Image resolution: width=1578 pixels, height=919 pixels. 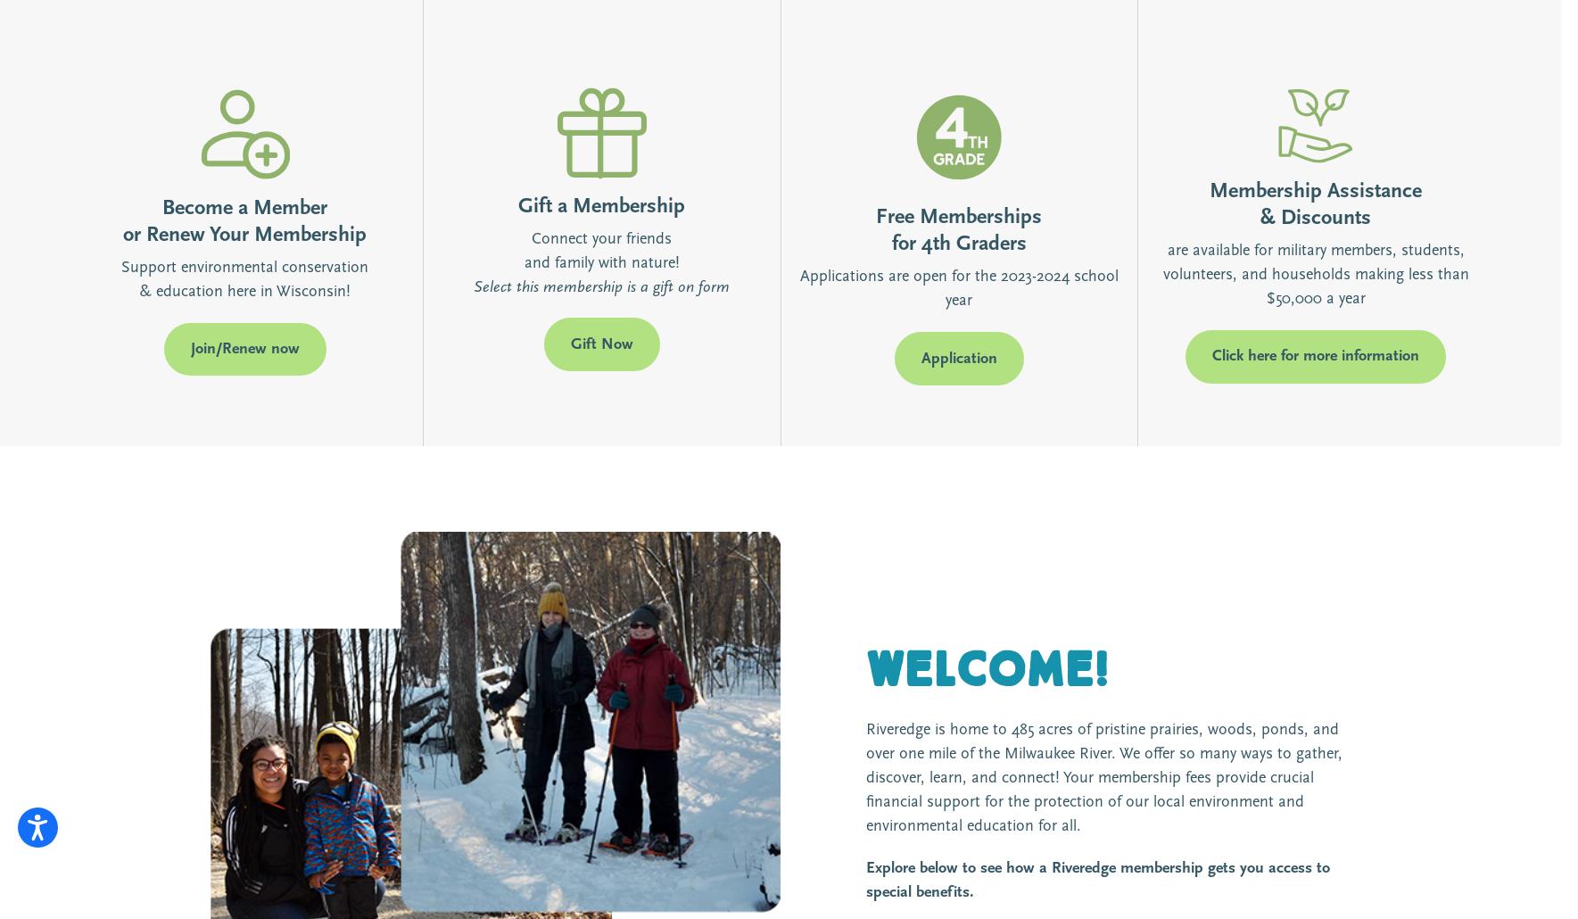 What do you see at coordinates (1314, 218) in the screenshot?
I see `'& Discounts'` at bounding box center [1314, 218].